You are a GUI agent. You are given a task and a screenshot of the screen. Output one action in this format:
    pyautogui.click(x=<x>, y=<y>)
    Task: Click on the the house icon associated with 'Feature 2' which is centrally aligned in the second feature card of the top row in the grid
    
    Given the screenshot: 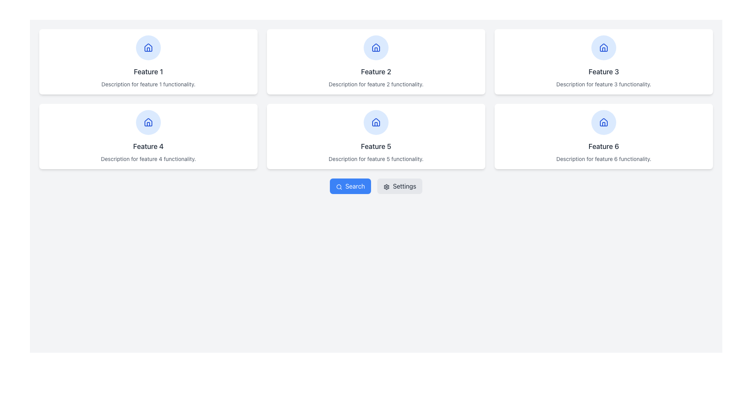 What is the action you would take?
    pyautogui.click(x=376, y=48)
    